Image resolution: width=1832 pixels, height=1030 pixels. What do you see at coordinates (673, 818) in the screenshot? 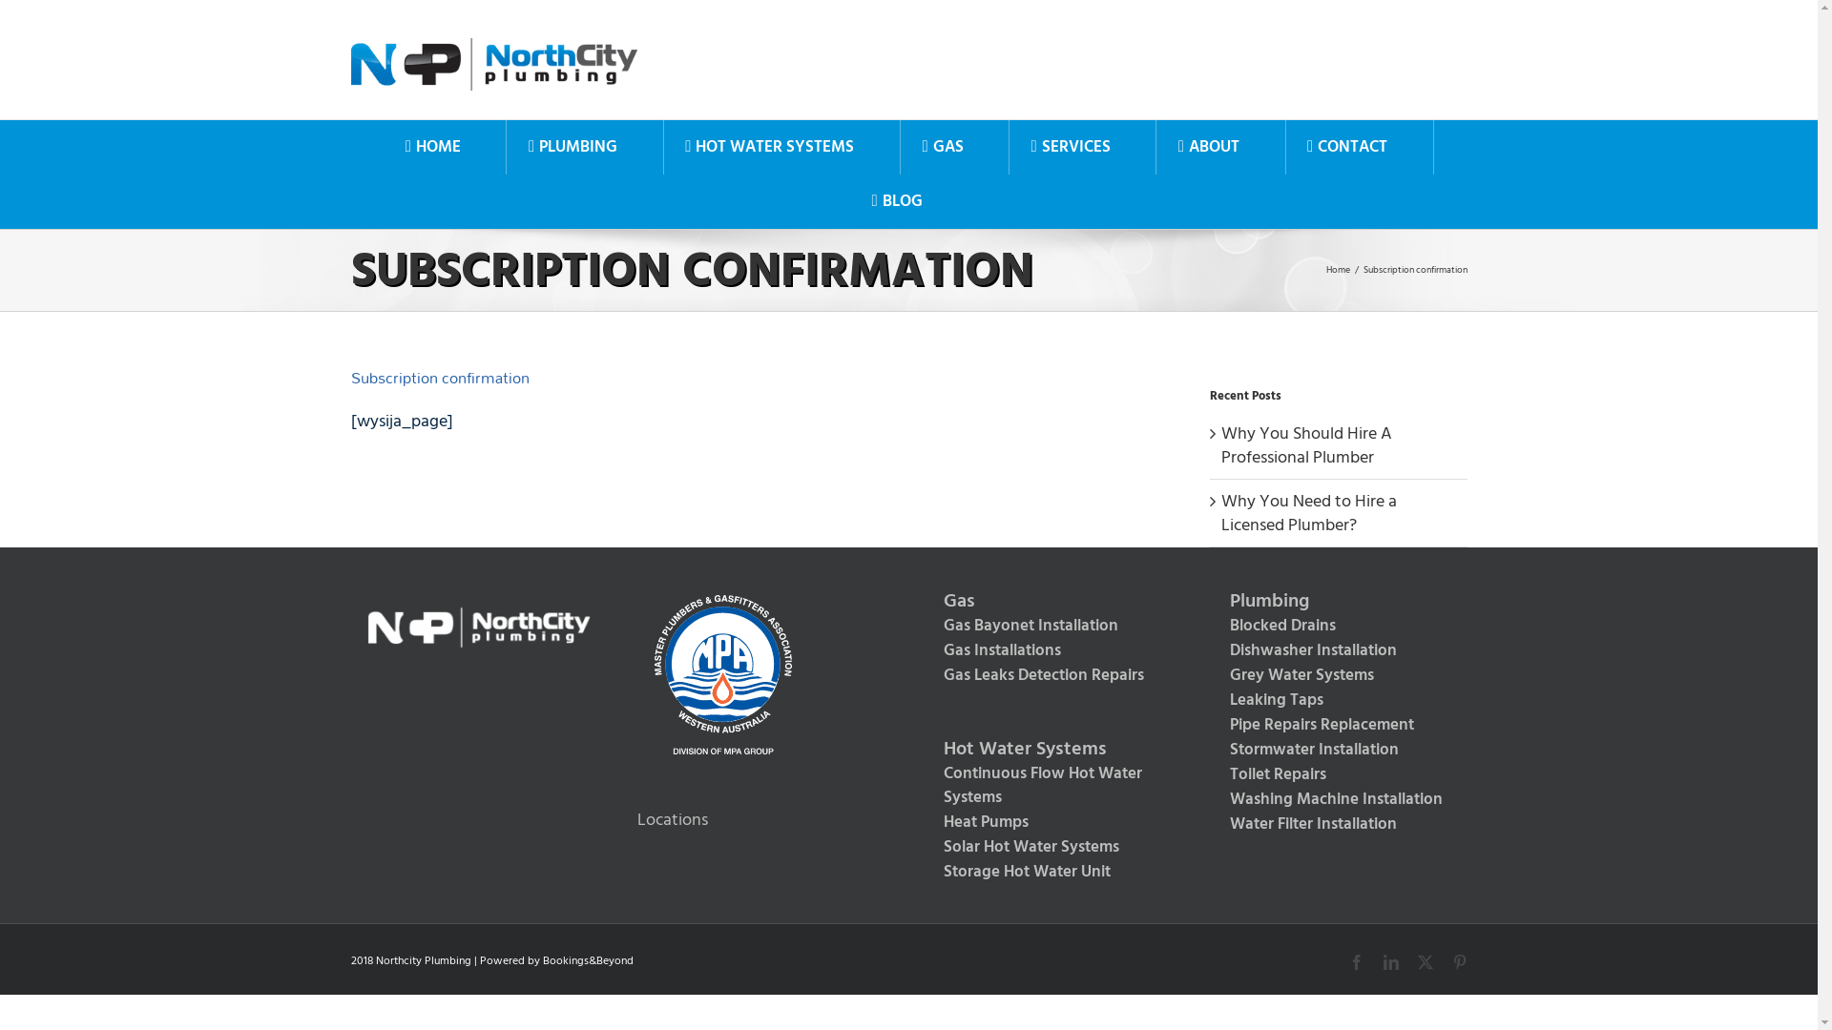
I see `'Locations'` at bounding box center [673, 818].